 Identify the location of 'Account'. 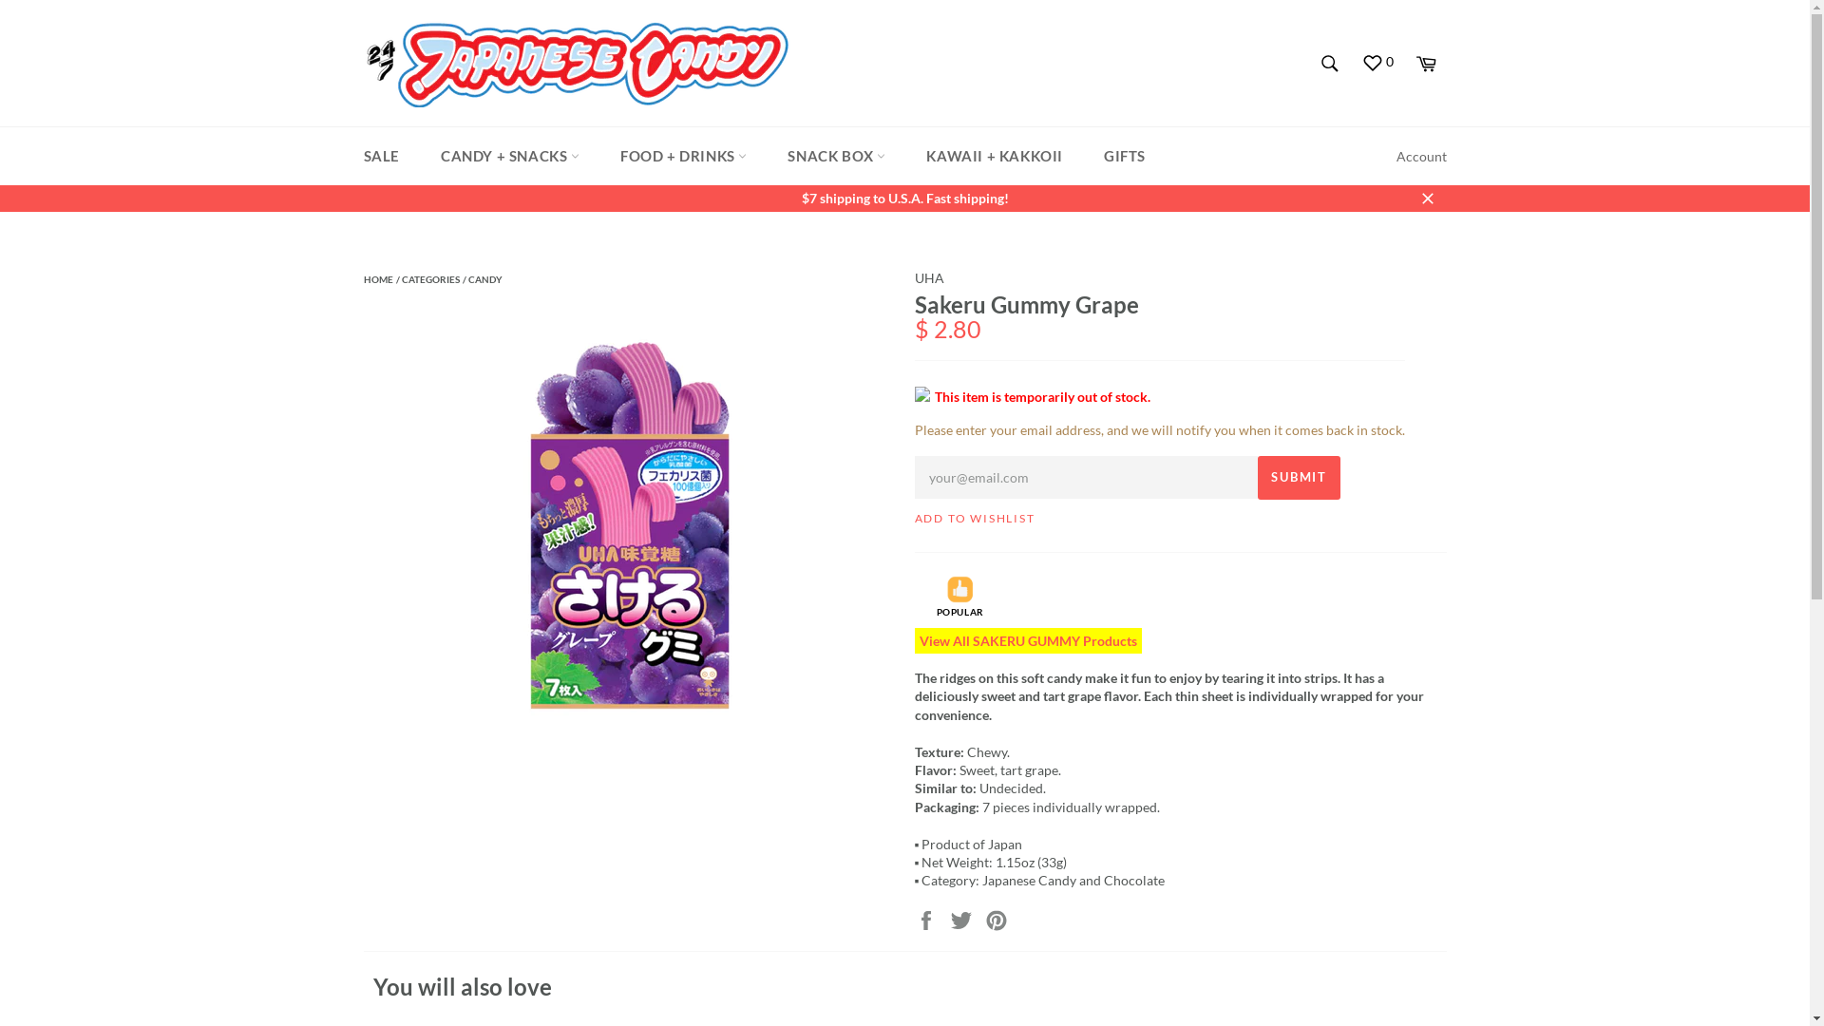
(1421, 155).